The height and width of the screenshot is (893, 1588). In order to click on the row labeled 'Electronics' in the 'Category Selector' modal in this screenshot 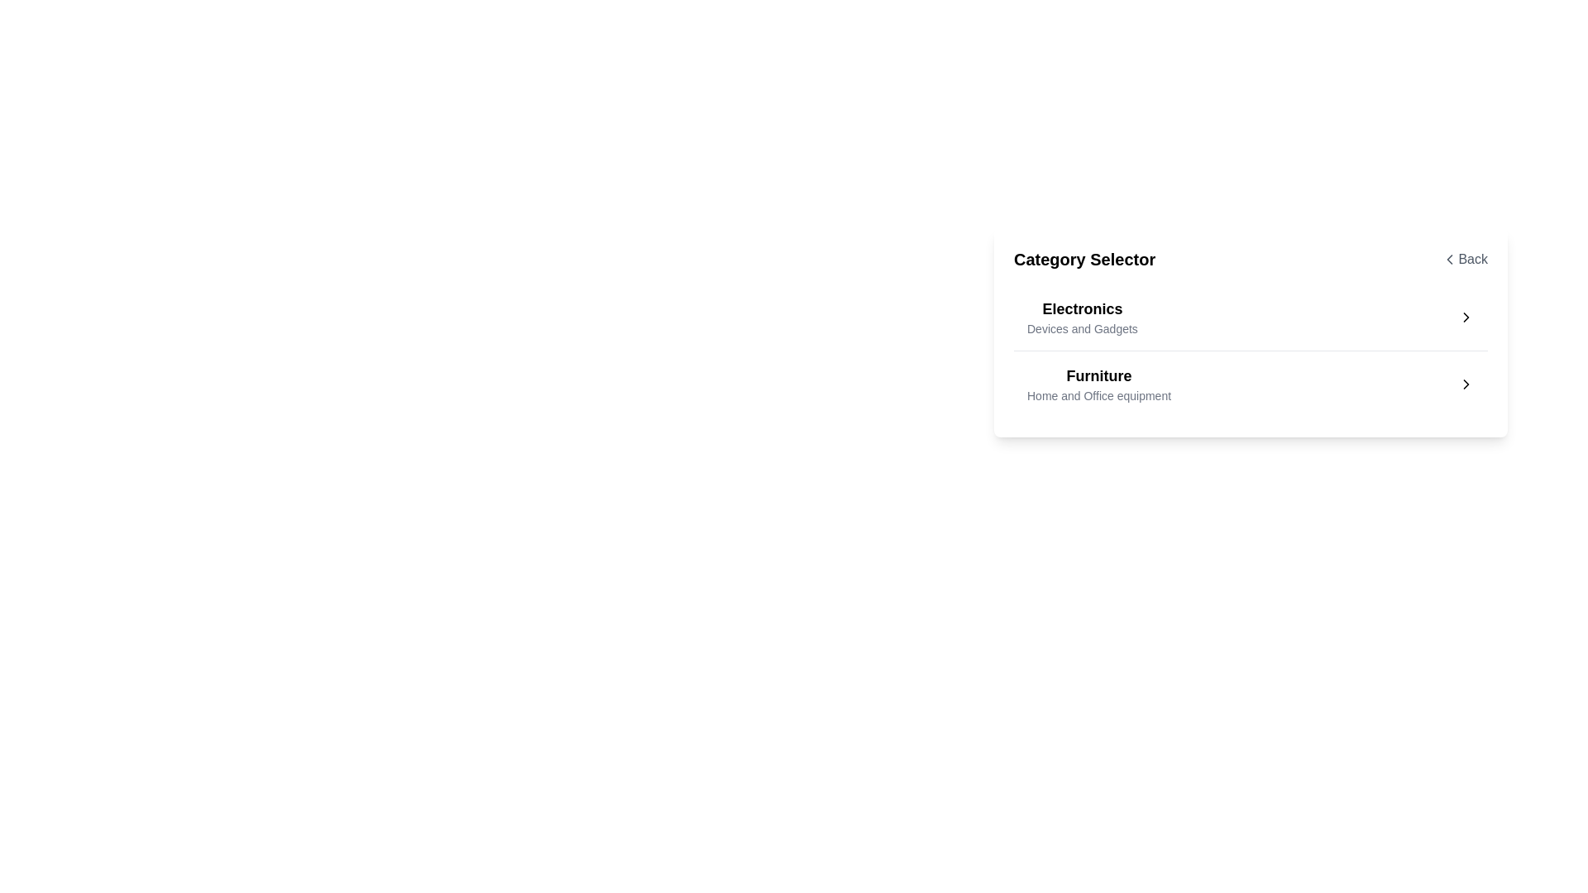, I will do `click(1251, 332)`.